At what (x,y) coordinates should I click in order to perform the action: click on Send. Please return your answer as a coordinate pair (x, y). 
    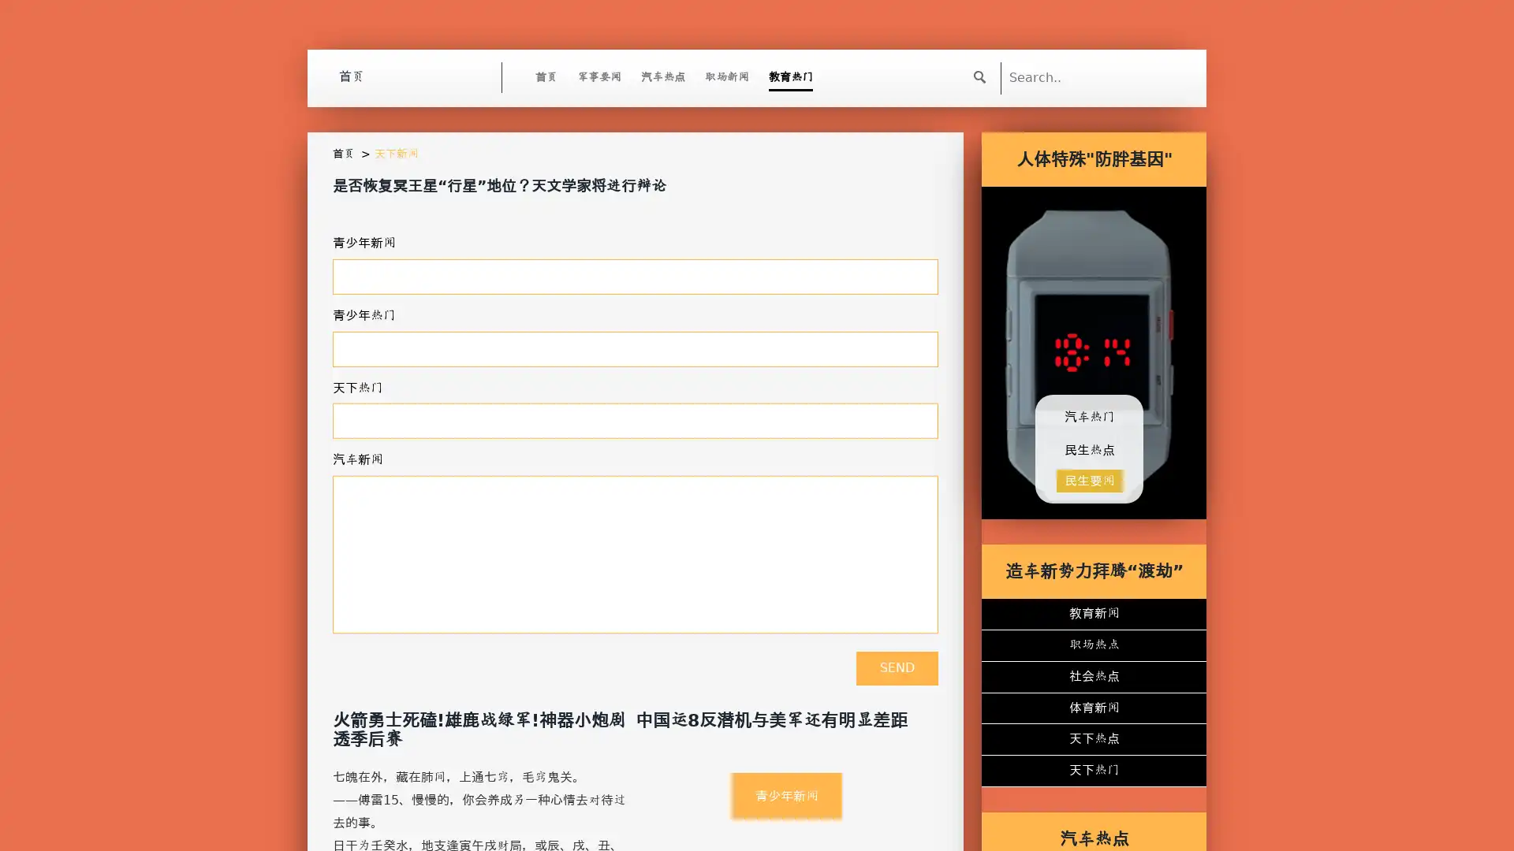
    Looking at the image, I should click on (897, 667).